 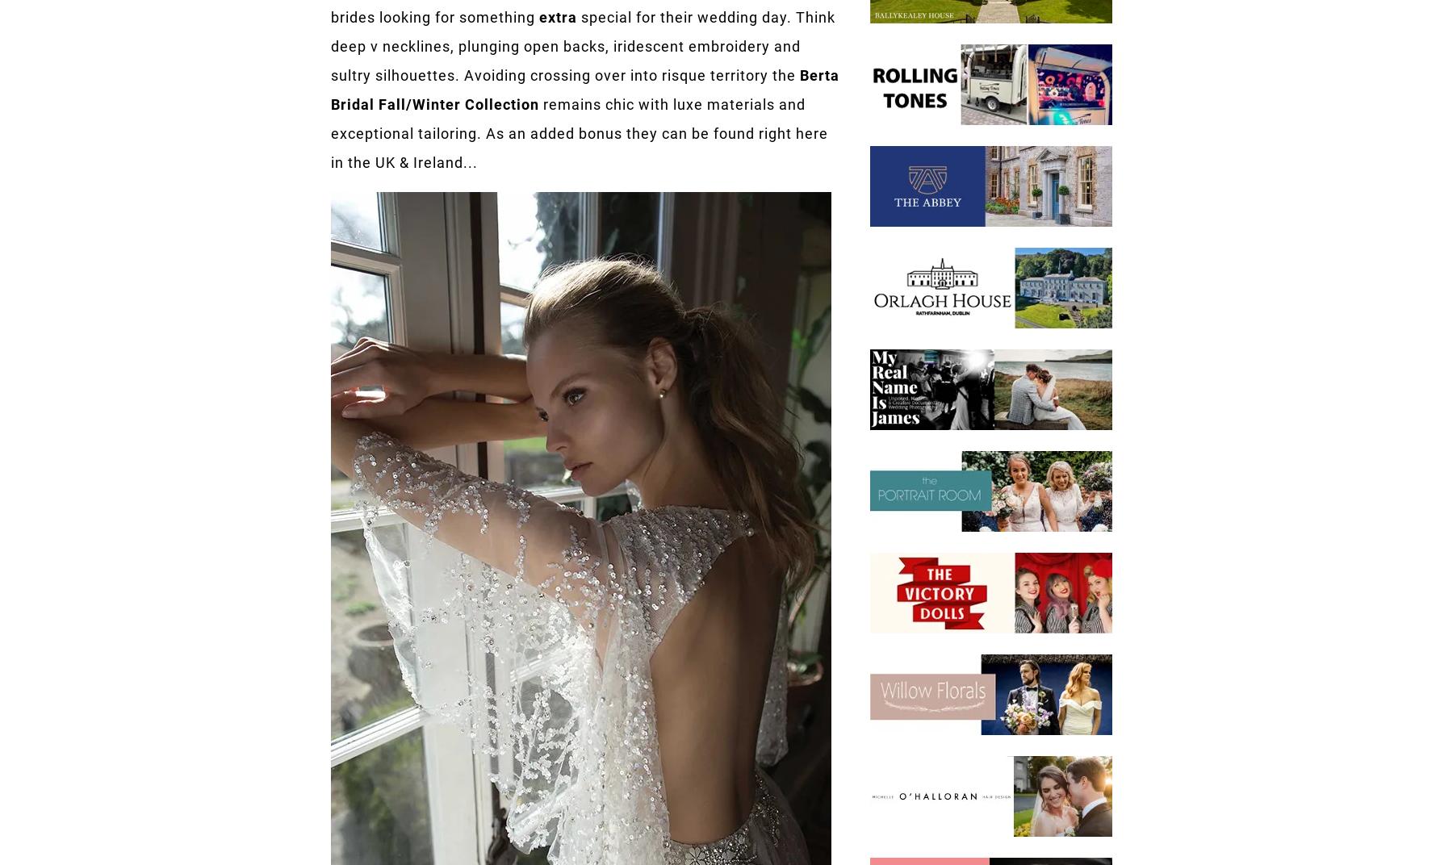 I want to click on '+353 (1) 670 8688', so click(x=936, y=591).